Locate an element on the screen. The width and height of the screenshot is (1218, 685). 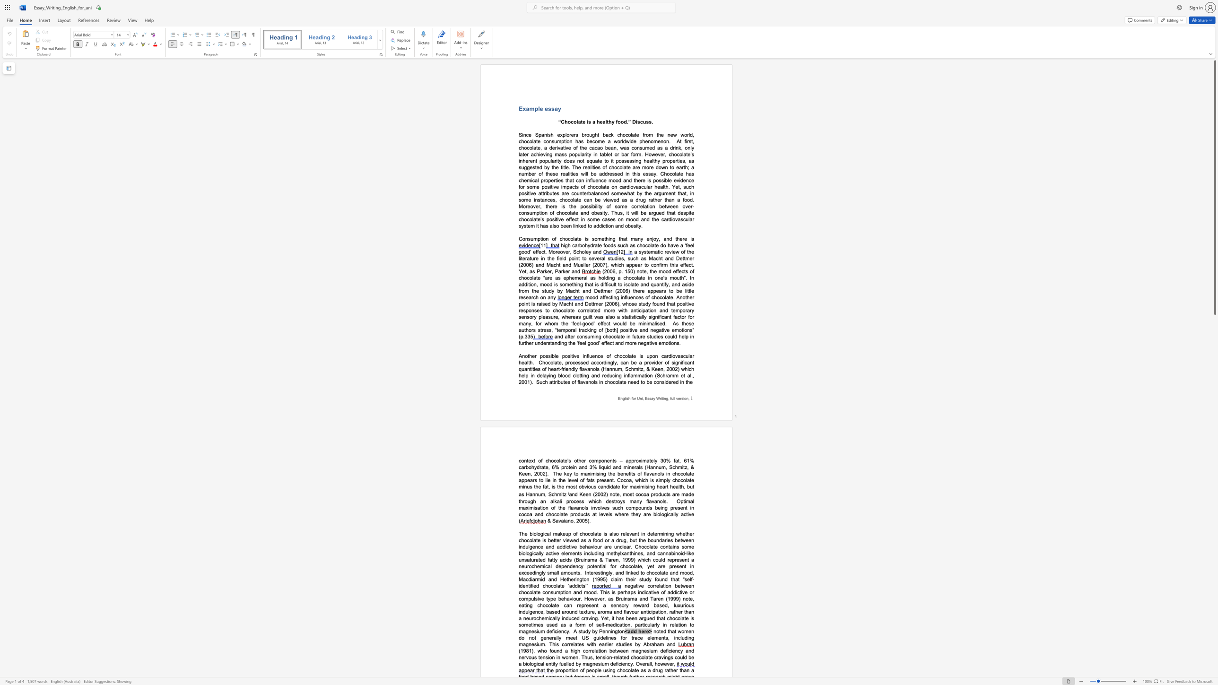
the scrollbar to move the page downward is located at coordinates (1214, 503).